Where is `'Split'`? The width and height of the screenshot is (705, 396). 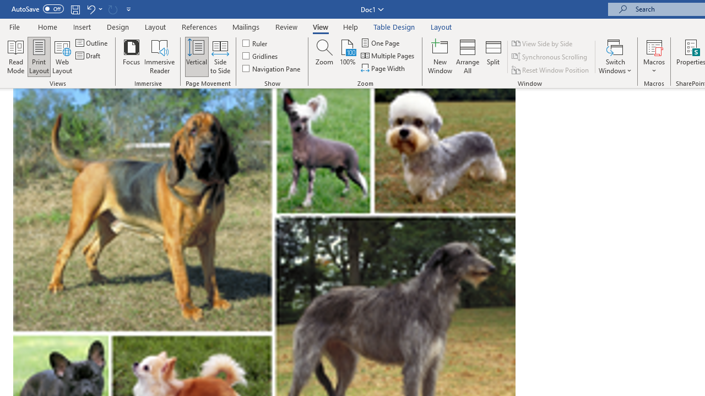
'Split' is located at coordinates (493, 57).